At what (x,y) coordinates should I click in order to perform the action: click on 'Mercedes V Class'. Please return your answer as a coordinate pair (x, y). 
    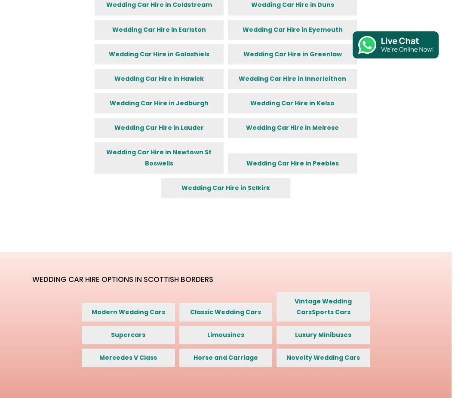
    Looking at the image, I should click on (127, 358).